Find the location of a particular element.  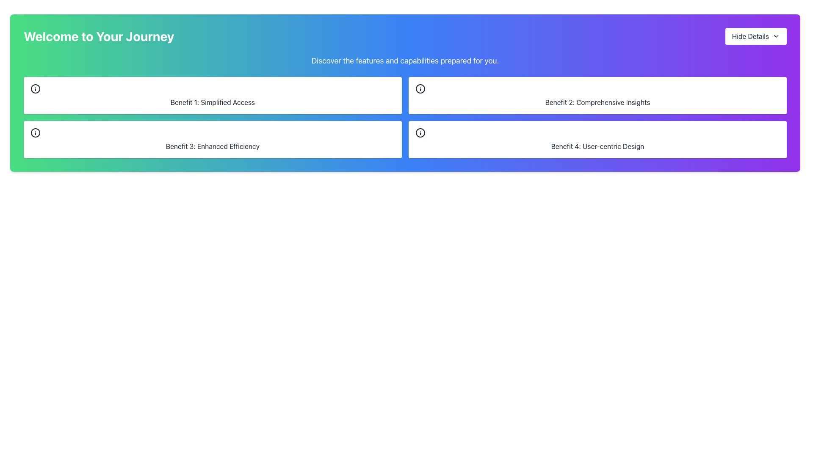

the informational icon located in the center-left of the card labeled 'Benefit 3: Enhanced Efficiency' is located at coordinates (35, 132).